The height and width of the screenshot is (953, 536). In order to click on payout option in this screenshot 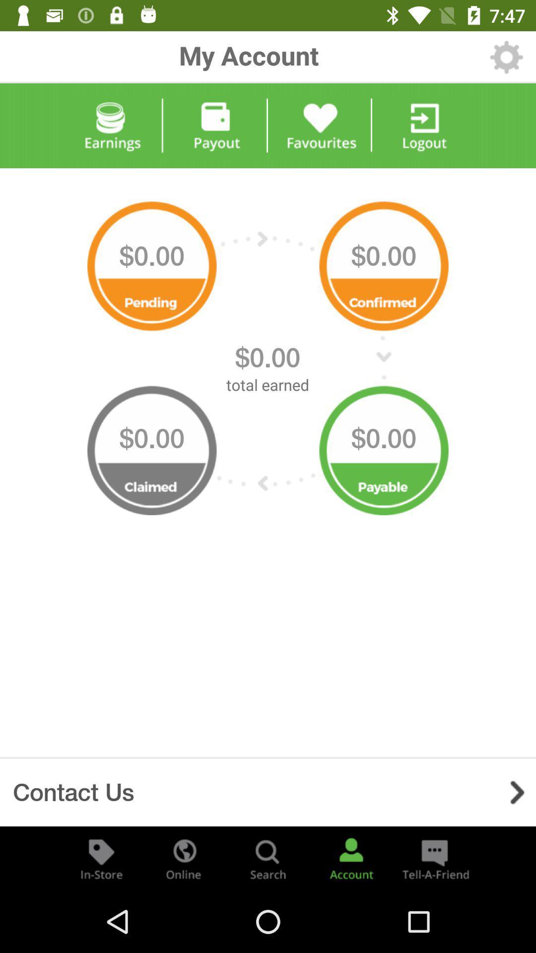, I will do `click(215, 125)`.